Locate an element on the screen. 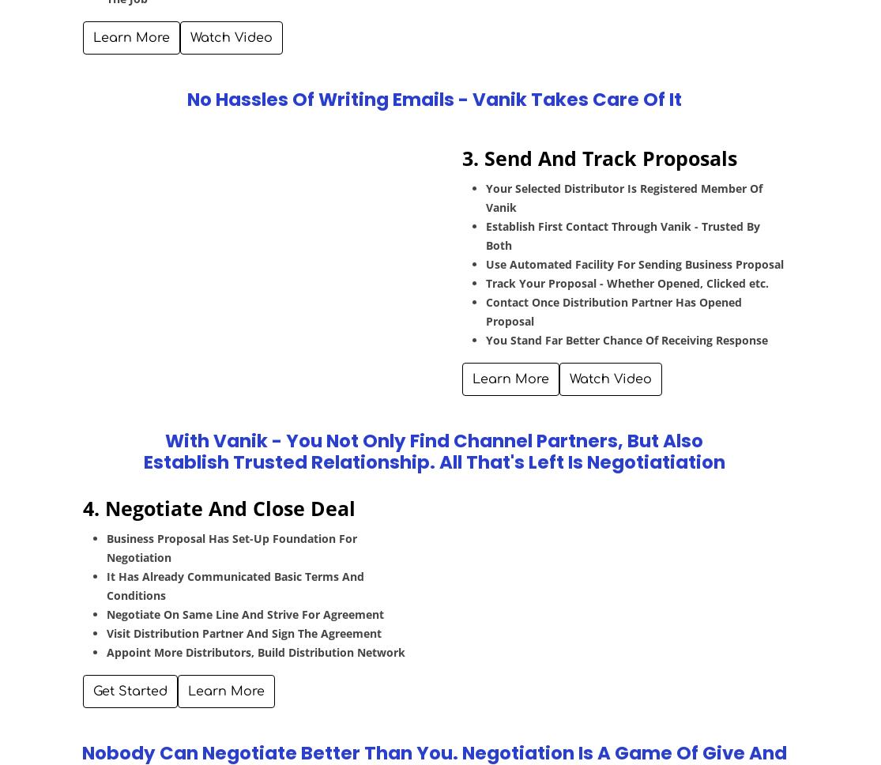 Image resolution: width=881 pixels, height=765 pixels. 'Your Selected Distributor Is Registered Member Of Vanik' is located at coordinates (623, 197).